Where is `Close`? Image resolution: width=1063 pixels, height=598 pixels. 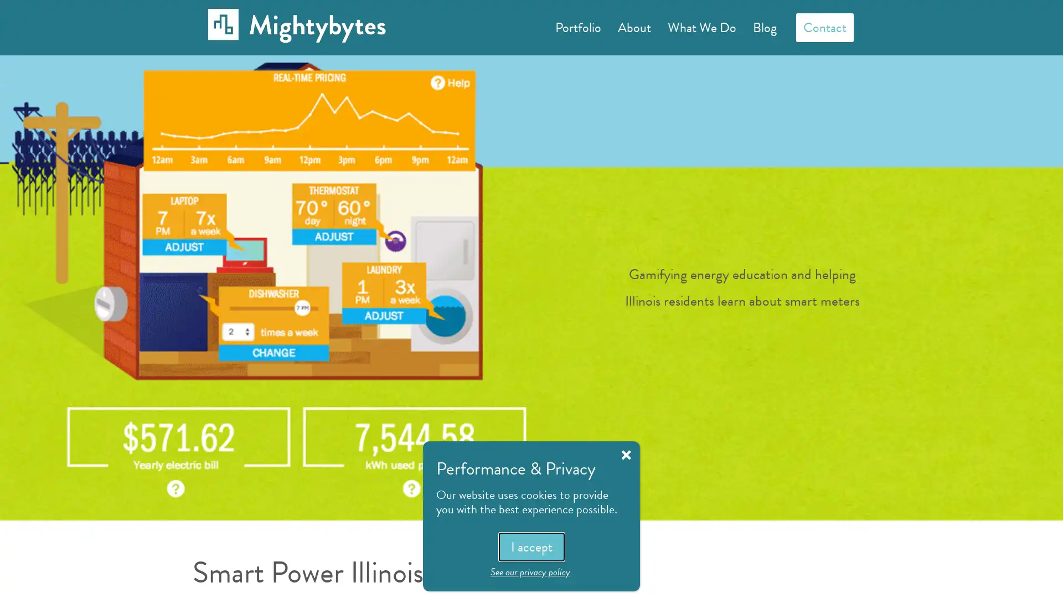 Close is located at coordinates (626, 455).